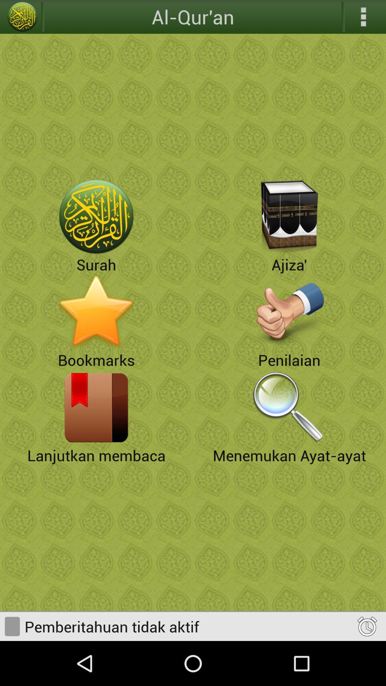 This screenshot has width=386, height=686. Describe the element at coordinates (367, 670) in the screenshot. I see `the time icon` at that location.